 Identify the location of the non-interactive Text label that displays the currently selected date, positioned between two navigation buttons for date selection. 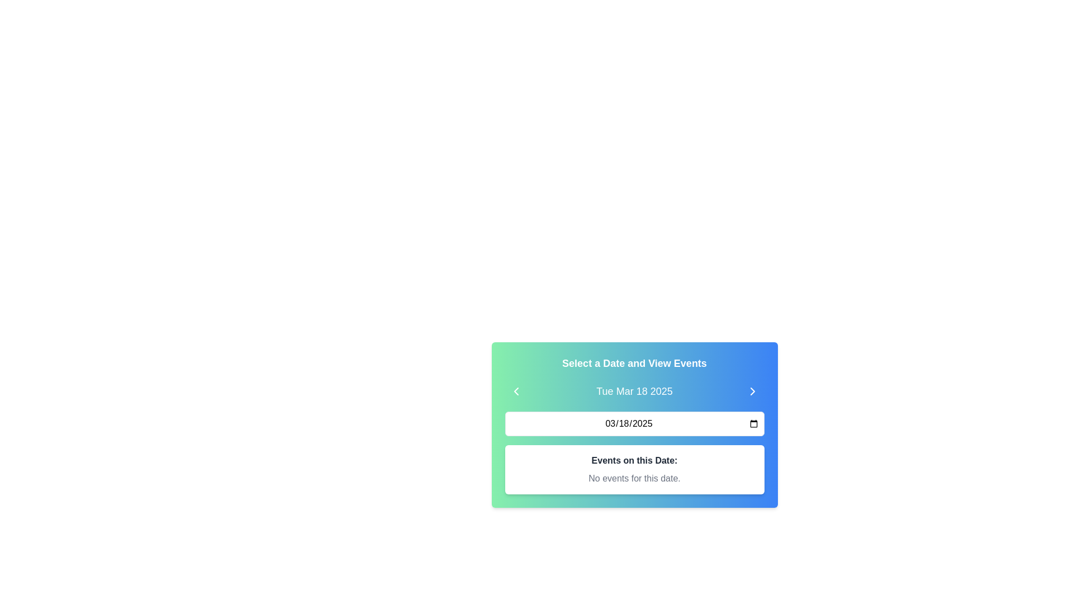
(634, 390).